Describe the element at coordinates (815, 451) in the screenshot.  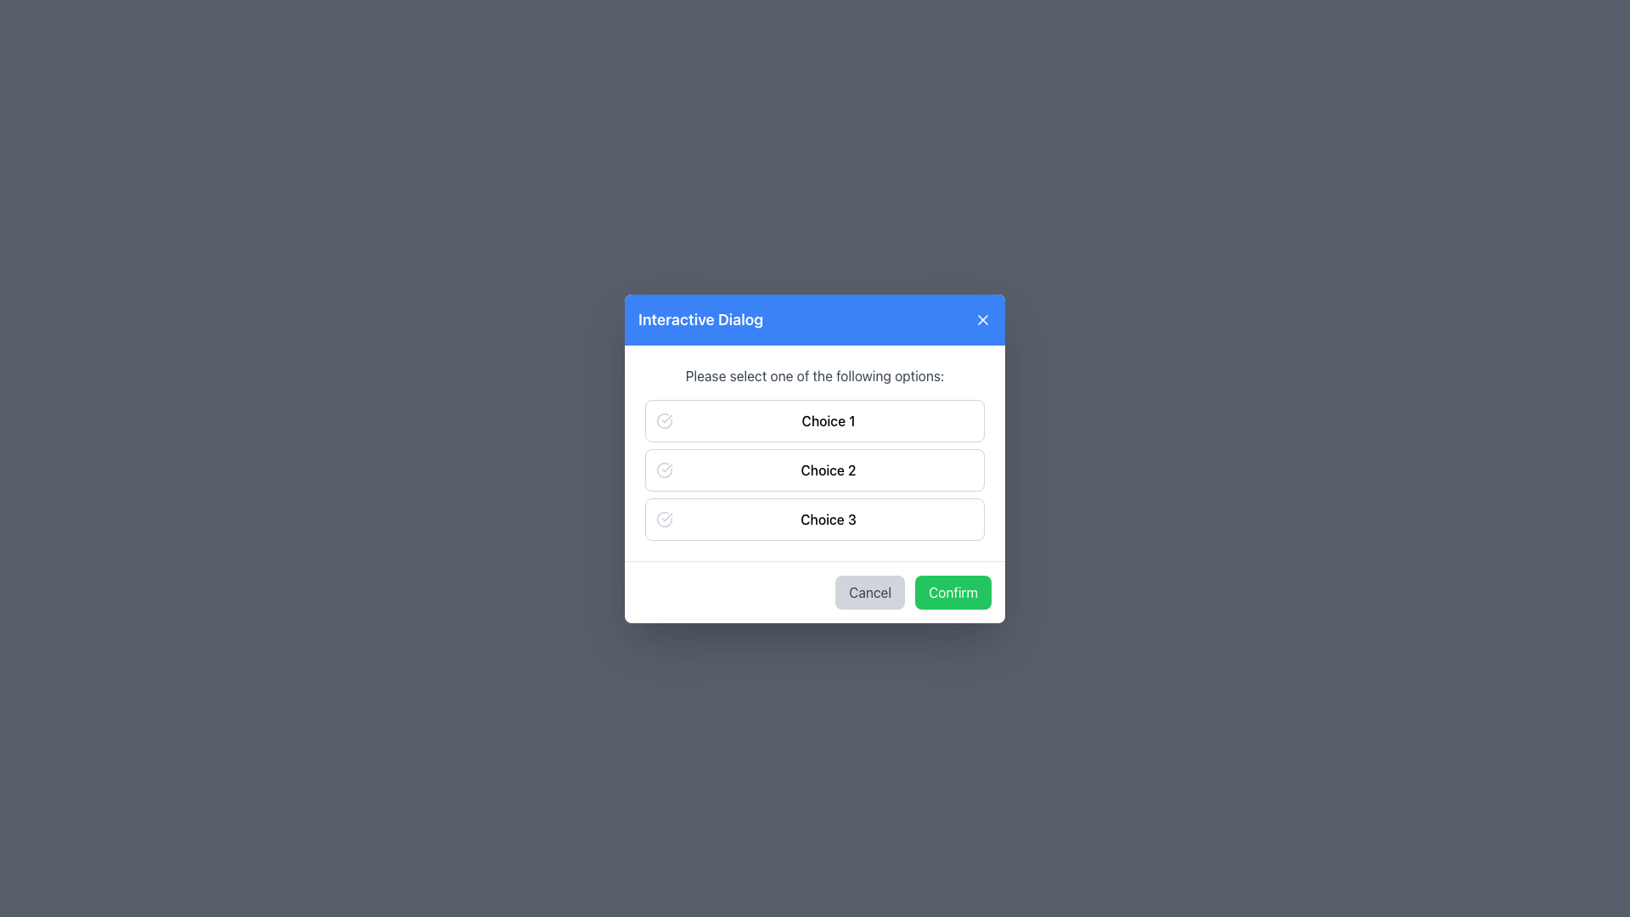
I see `the group of interactive buttons located in the modal dialog titled 'Interactive Dialog'` at that location.